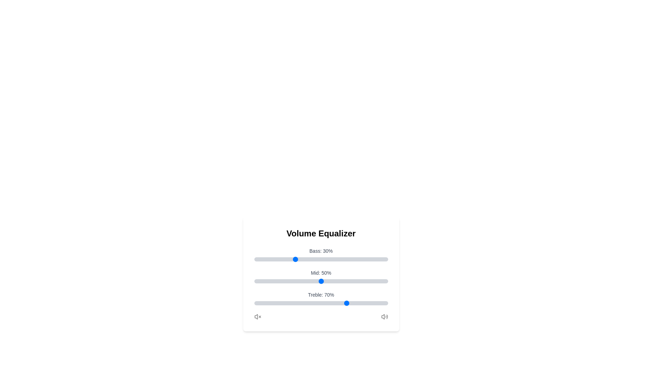 Image resolution: width=669 pixels, height=376 pixels. Describe the element at coordinates (303, 281) in the screenshot. I see `the Mid slider to 37%` at that location.